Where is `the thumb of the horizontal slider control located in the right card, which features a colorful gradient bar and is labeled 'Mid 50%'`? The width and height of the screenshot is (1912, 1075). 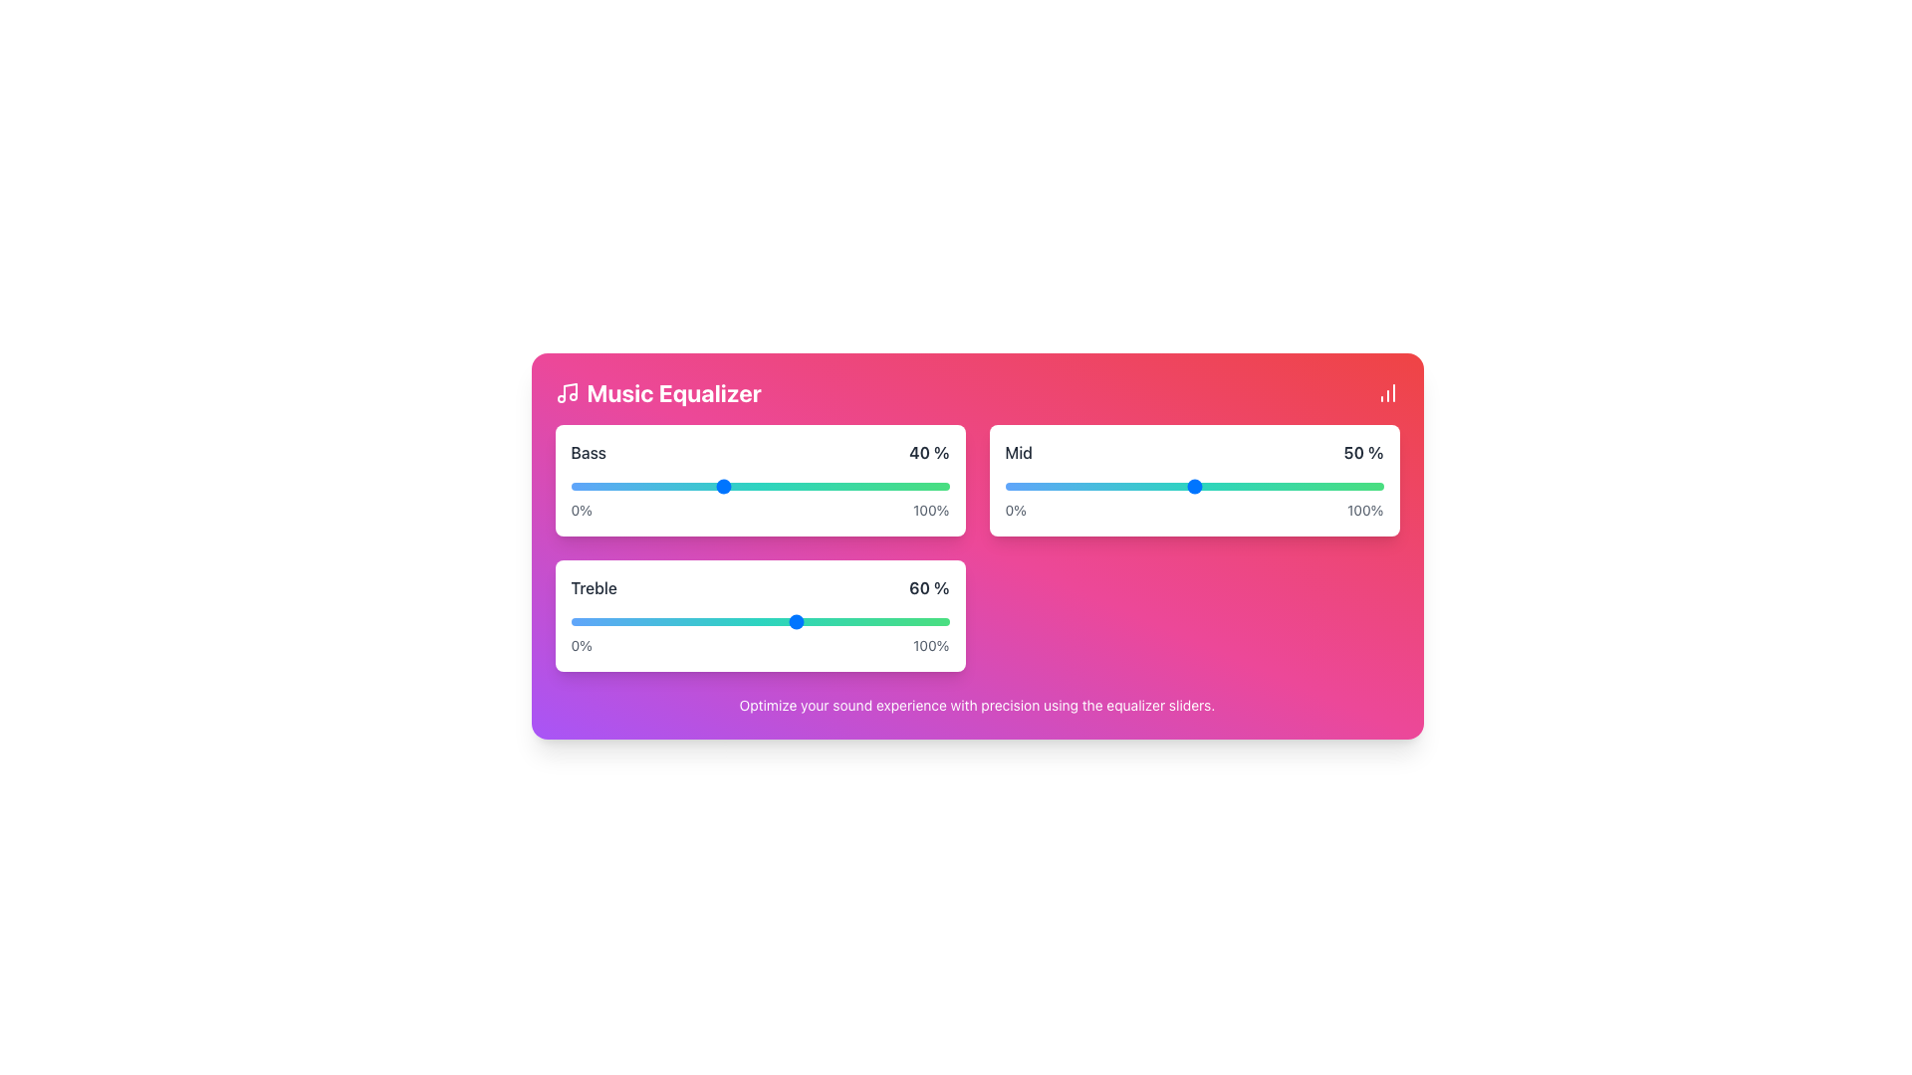
the thumb of the horizontal slider control located in the right card, which features a colorful gradient bar and is labeled 'Mid 50%' is located at coordinates (1194, 487).